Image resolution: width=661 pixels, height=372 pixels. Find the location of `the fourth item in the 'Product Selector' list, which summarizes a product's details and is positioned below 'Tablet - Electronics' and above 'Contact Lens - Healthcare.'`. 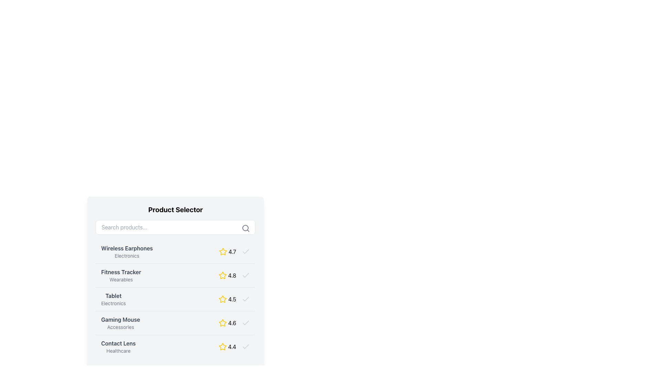

the fourth item in the 'Product Selector' list, which summarizes a product's details and is positioned below 'Tablet - Electronics' and above 'Contact Lens - Healthcare.' is located at coordinates (175, 323).